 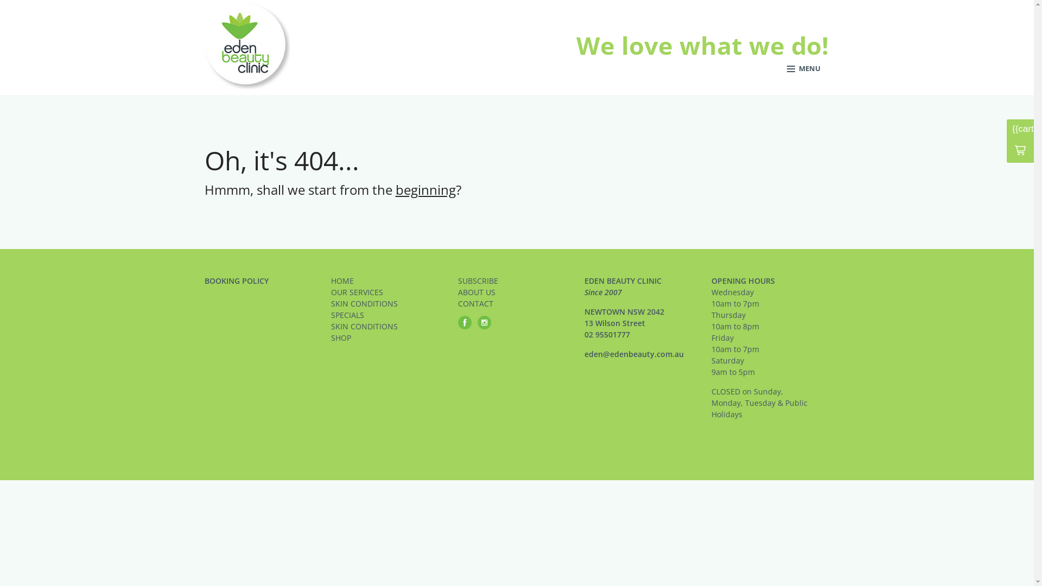 What do you see at coordinates (517, 291) in the screenshot?
I see `'ABOUT US'` at bounding box center [517, 291].